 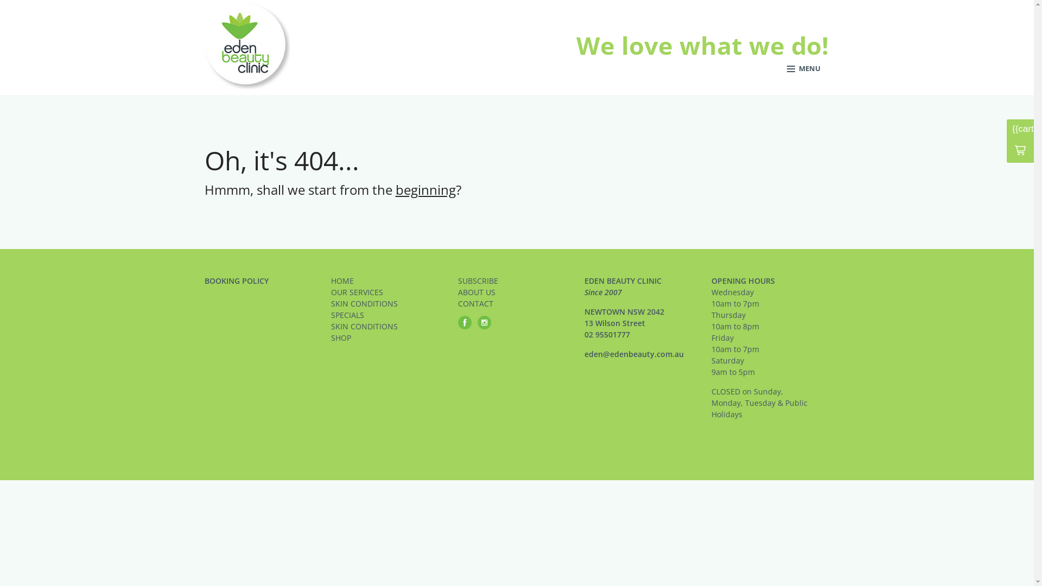 What do you see at coordinates (517, 291) in the screenshot?
I see `'ABOUT US'` at bounding box center [517, 291].